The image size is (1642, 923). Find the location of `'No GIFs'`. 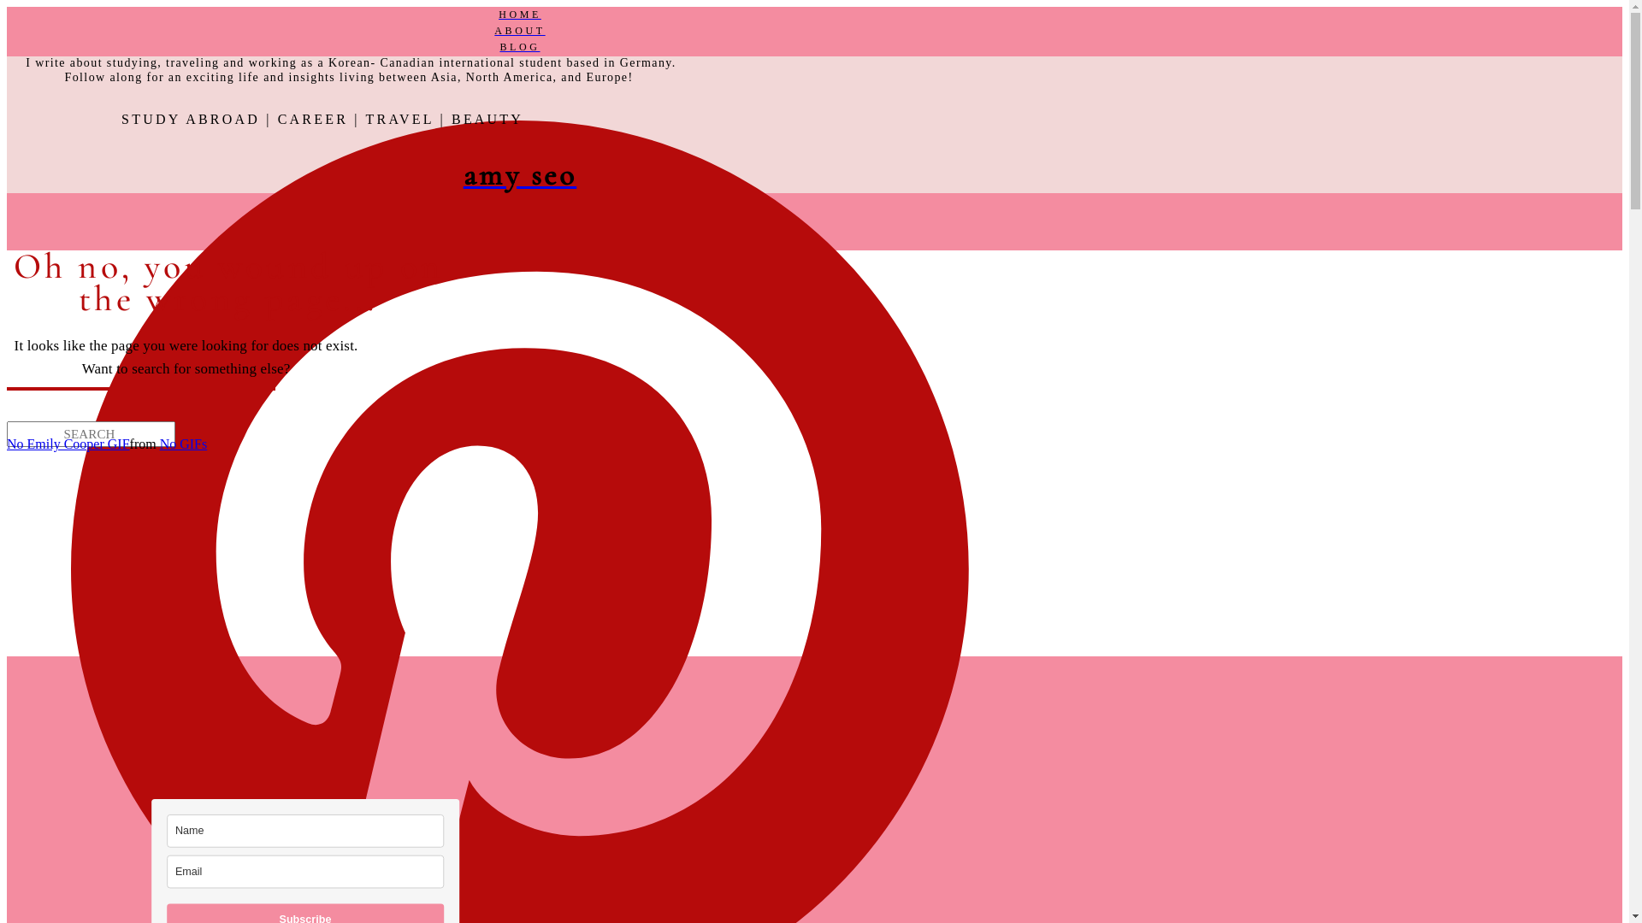

'No GIFs' is located at coordinates (184, 443).